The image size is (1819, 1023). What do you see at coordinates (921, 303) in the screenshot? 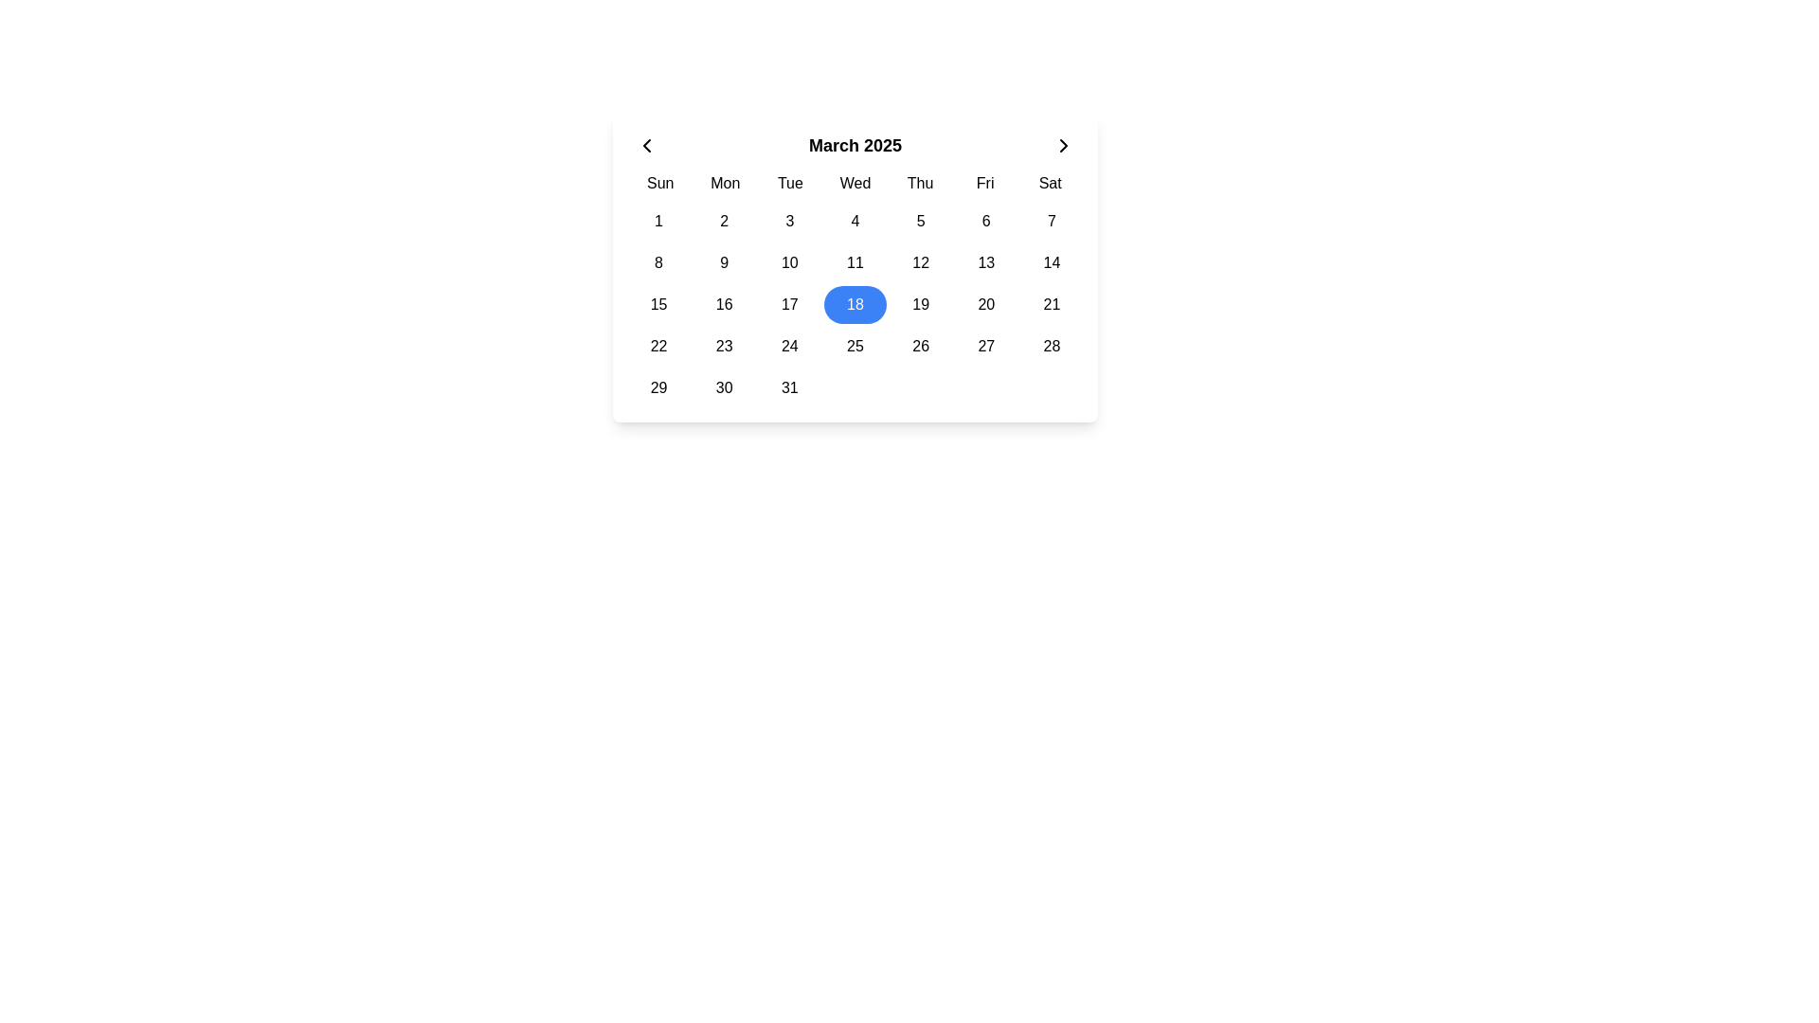
I see `the calendar day button located` at bounding box center [921, 303].